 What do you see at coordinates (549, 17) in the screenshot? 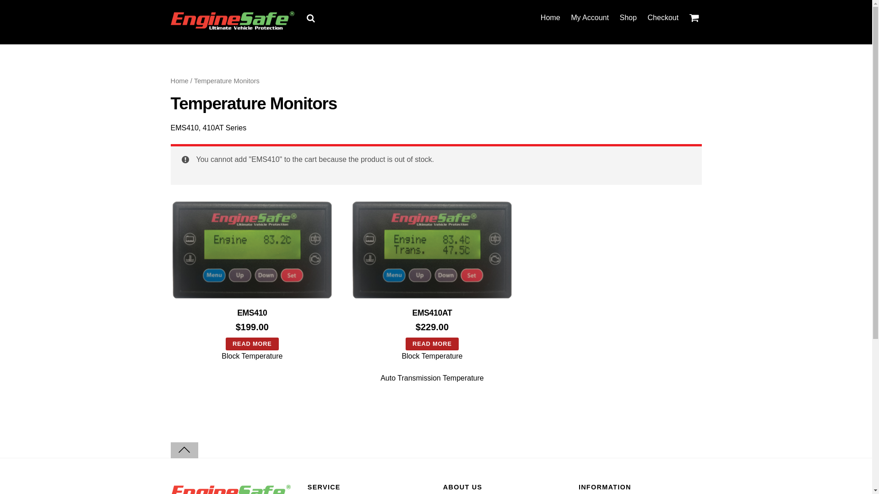
I see `'Home'` at bounding box center [549, 17].